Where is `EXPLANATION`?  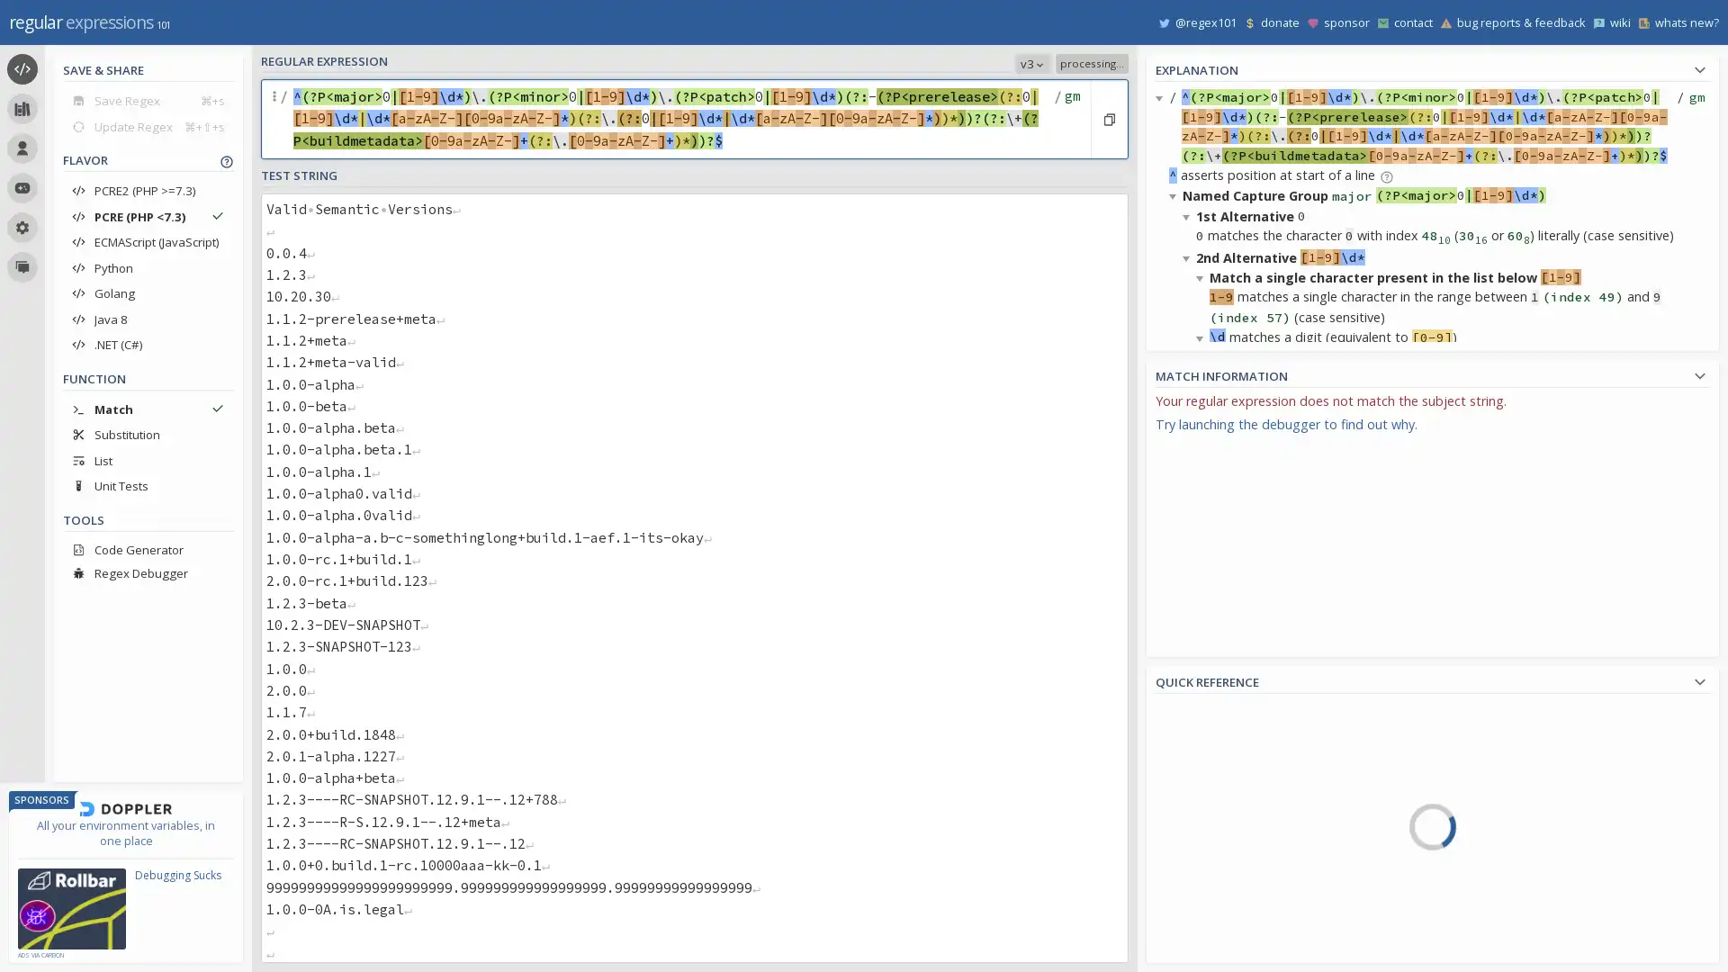 EXPLANATION is located at coordinates (1432, 67).